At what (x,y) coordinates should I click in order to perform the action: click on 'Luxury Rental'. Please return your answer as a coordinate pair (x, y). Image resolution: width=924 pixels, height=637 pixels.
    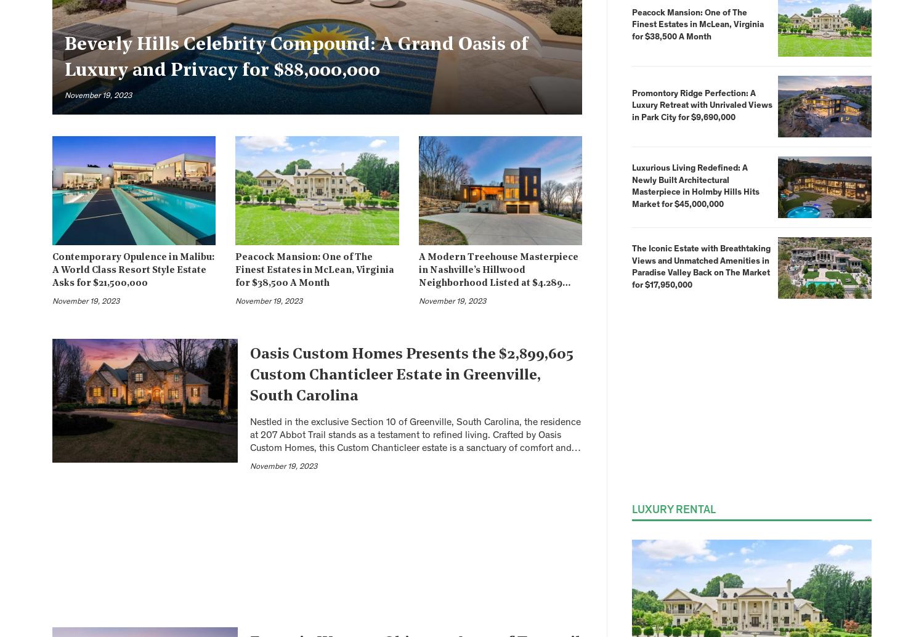
    Looking at the image, I should click on (673, 509).